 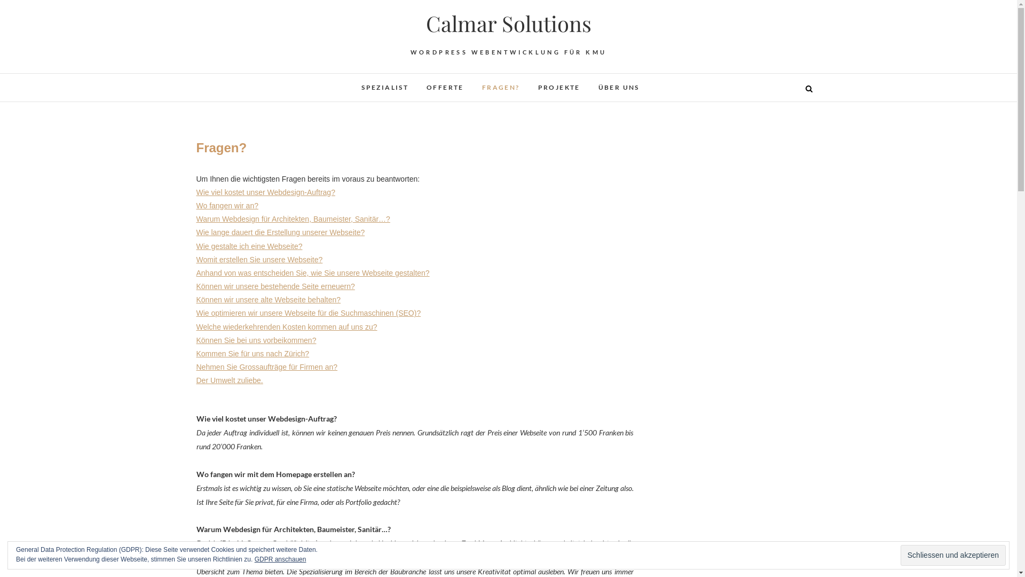 What do you see at coordinates (990, 556) in the screenshot?
I see `'Go to Top'` at bounding box center [990, 556].